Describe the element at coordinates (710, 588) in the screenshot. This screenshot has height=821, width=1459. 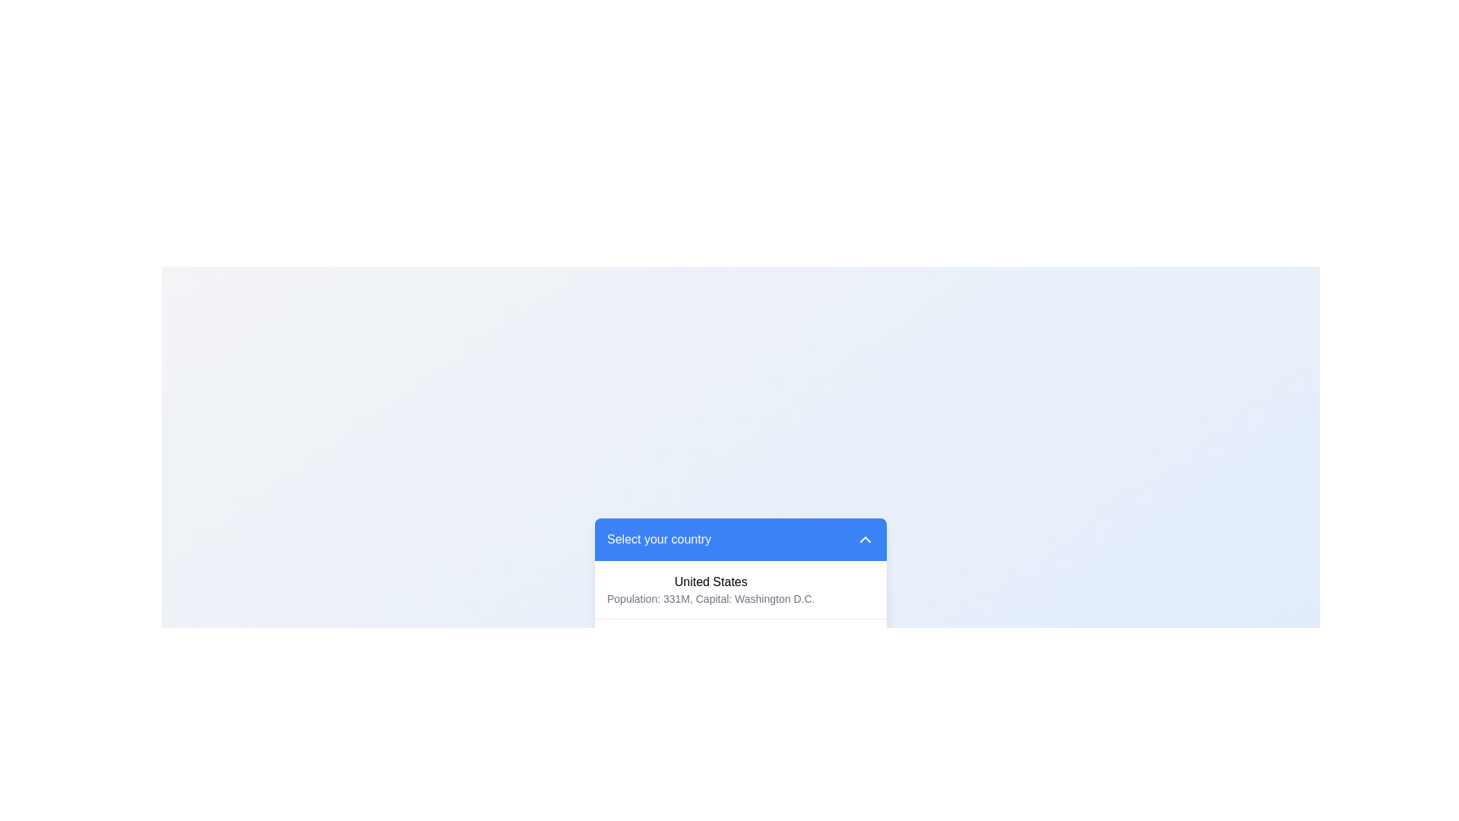
I see `the Text block displaying information about the country 'United States', which is located below the 'Select your country' dropdown` at that location.